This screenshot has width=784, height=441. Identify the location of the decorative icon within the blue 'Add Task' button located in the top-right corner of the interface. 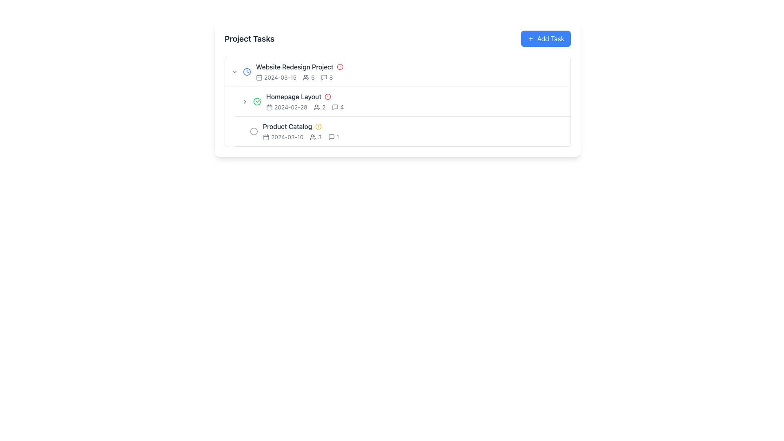
(530, 39).